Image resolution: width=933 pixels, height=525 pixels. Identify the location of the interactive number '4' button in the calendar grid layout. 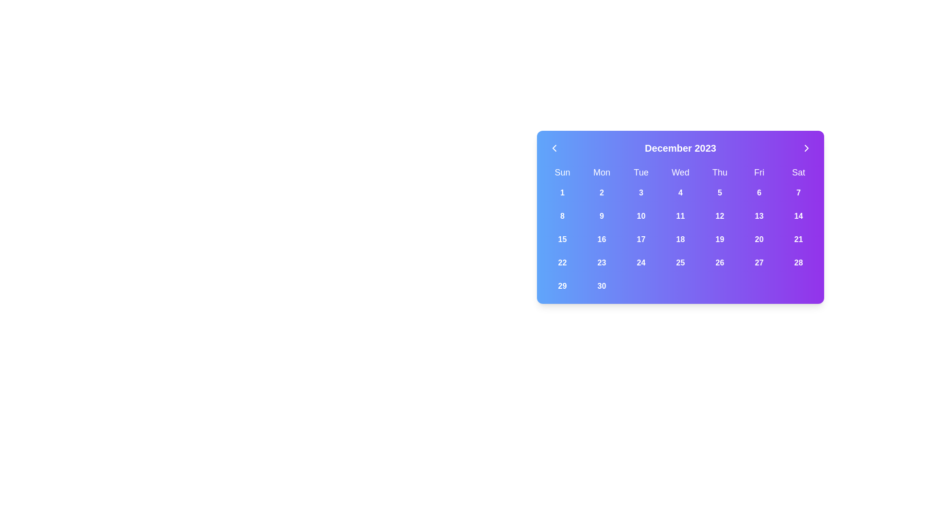
(680, 193).